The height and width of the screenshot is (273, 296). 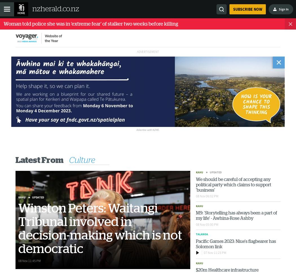 What do you see at coordinates (236, 215) in the screenshot?
I see `'M9: ‘Storytelling has always been a part of my life’ - Awhina-Rose Ashby'` at bounding box center [236, 215].